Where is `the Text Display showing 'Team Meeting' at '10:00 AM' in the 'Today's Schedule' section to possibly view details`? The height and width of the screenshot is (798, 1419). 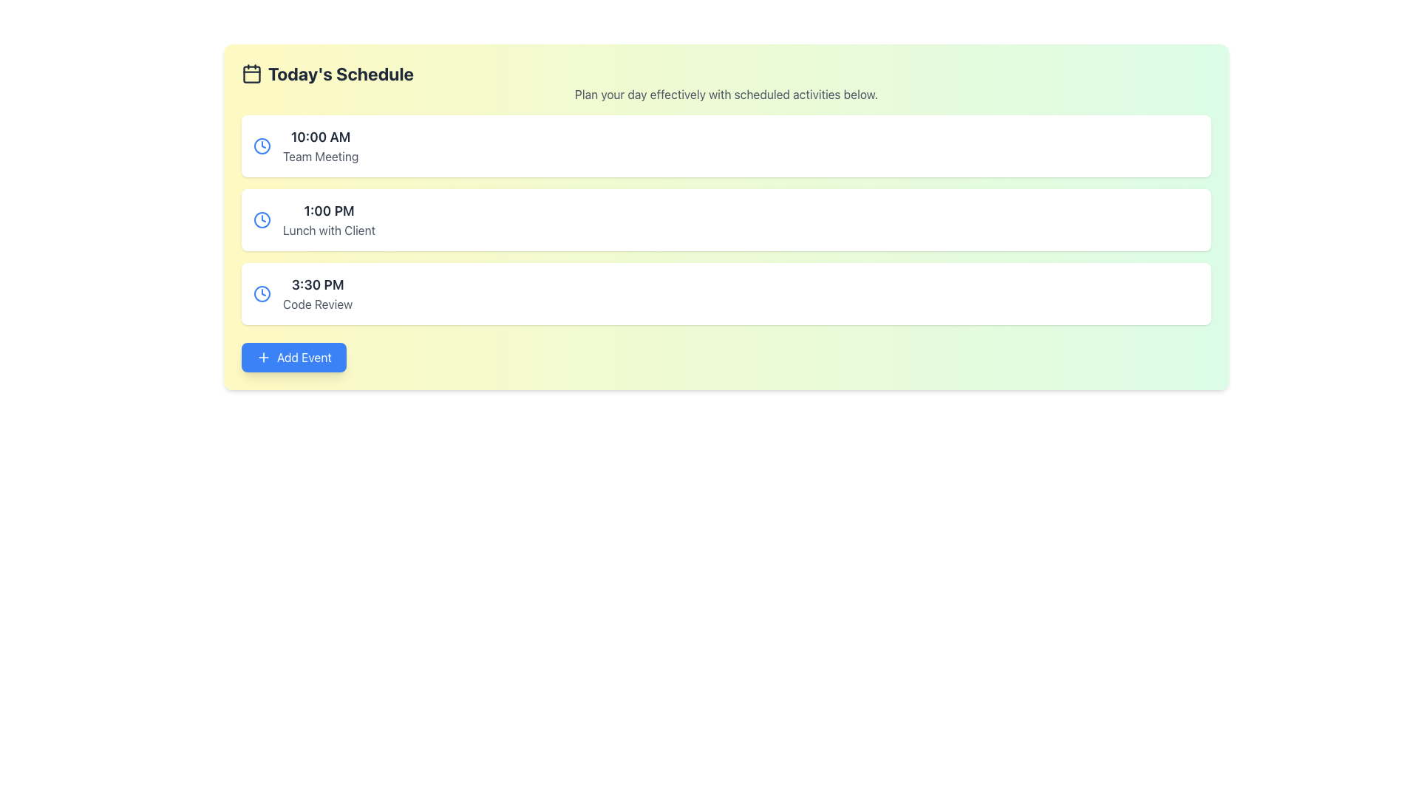 the Text Display showing 'Team Meeting' at '10:00 AM' in the 'Today's Schedule' section to possibly view details is located at coordinates (320, 146).